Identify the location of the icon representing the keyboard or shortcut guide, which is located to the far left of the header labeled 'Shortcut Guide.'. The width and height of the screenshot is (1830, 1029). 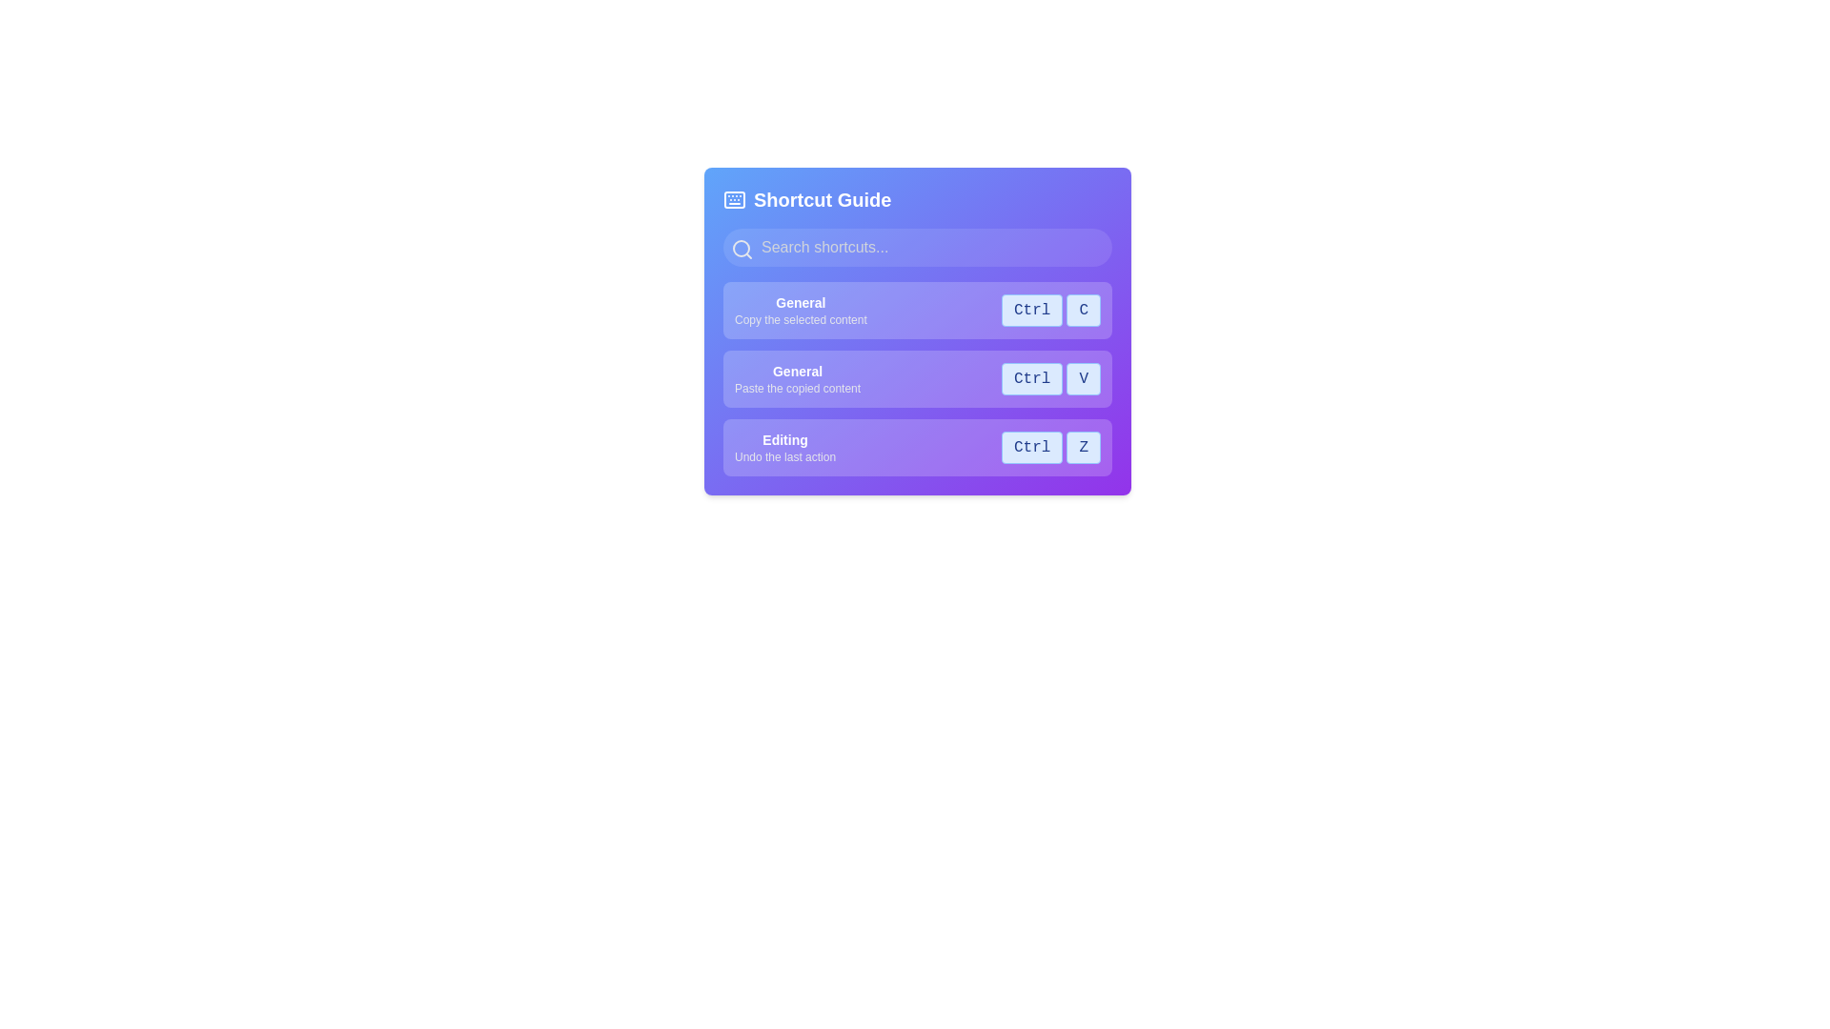
(734, 199).